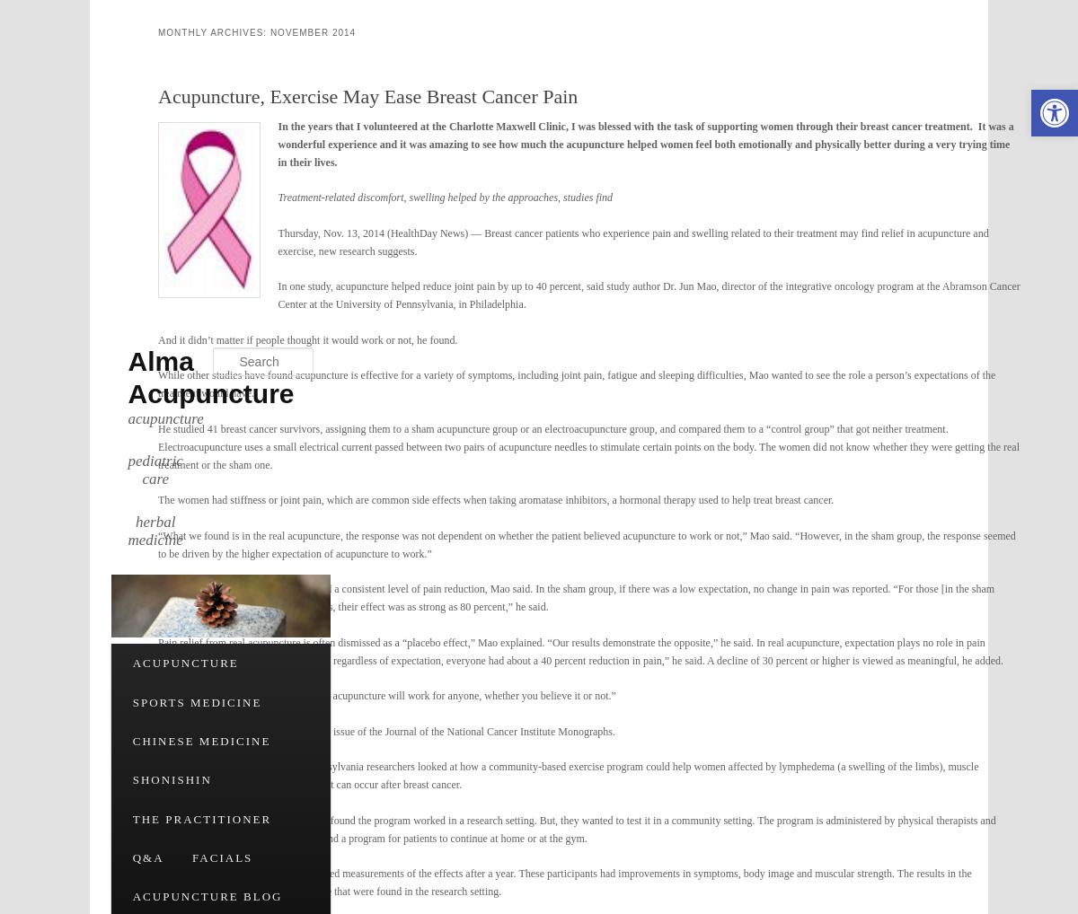 This screenshot has width=1078, height=914. I want to click on 'In all, 67 breast cancer patients completed measurements of the effects after a year. These participants had improvements in symptoms, body image and muscular strength. The results in the community setting were similar to those that were found in the research setting.', so click(157, 882).